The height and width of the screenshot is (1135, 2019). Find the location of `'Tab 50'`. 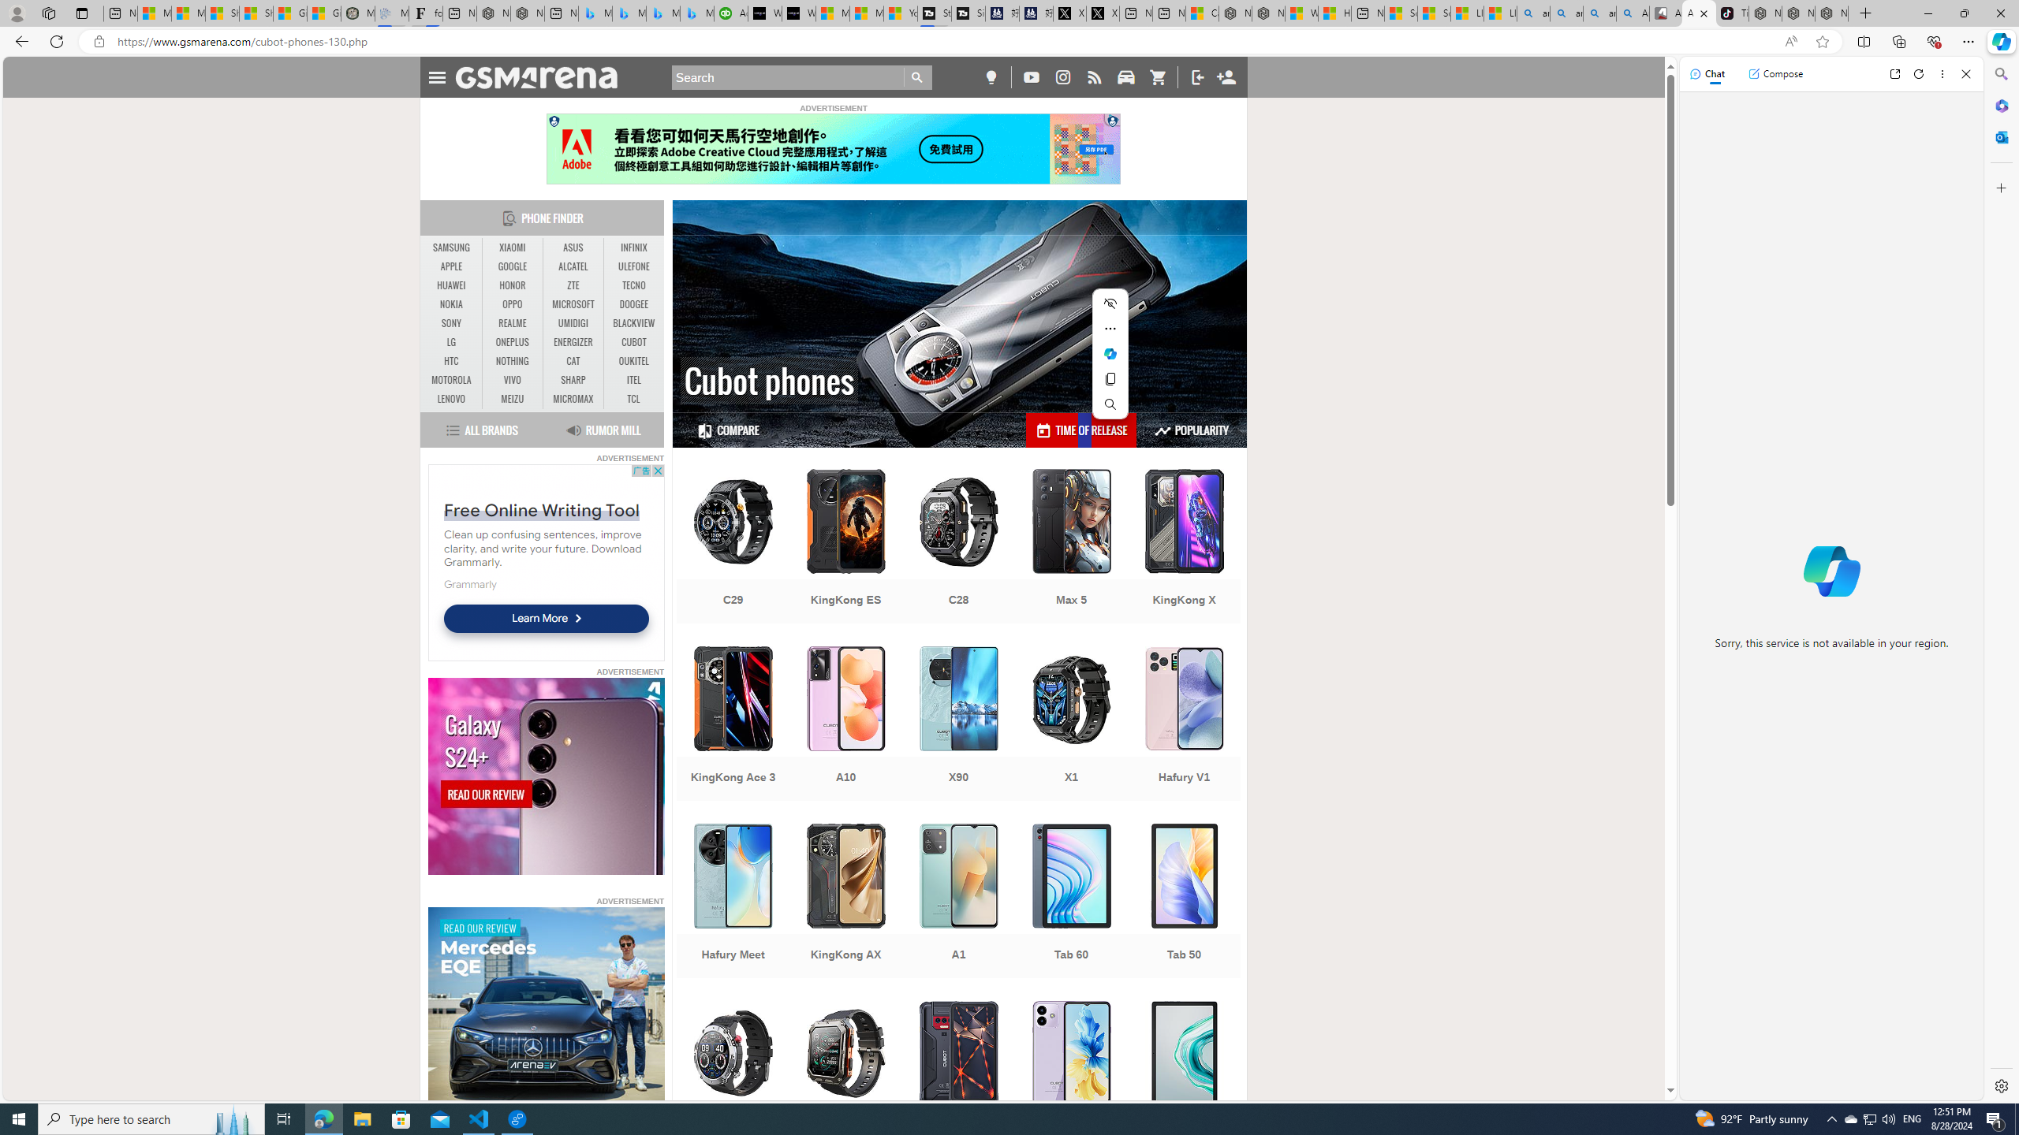

'Tab 50' is located at coordinates (1183, 902).